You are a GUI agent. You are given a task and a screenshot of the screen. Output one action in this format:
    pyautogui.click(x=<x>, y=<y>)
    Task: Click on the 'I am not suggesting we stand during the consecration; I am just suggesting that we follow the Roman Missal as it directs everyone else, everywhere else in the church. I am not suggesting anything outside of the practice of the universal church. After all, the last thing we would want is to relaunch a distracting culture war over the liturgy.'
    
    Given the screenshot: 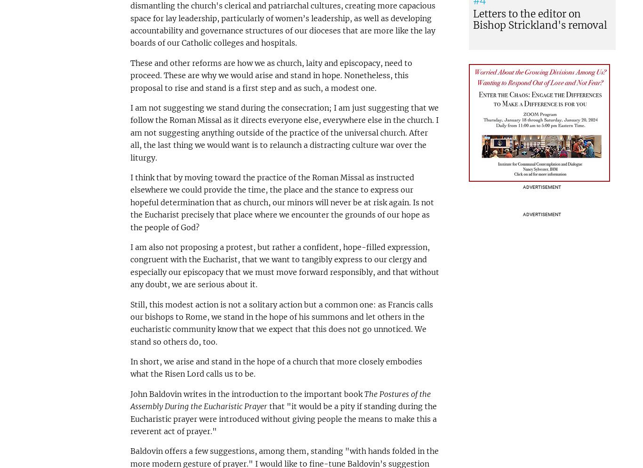 What is the action you would take?
    pyautogui.click(x=283, y=132)
    